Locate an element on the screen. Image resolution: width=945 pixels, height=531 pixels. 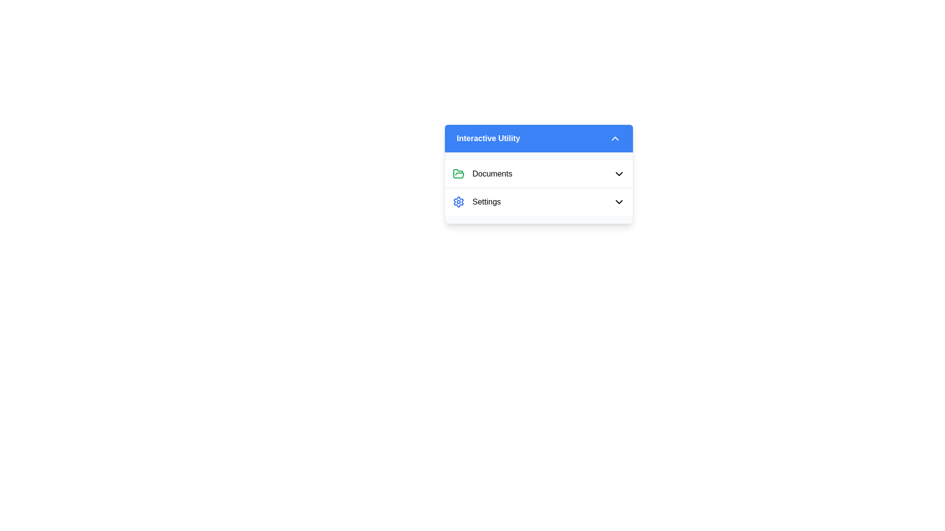
the decorative settings icon located at the left end of the dropdown menu item labeled 'Interactive Utility', which precedes the text 'Settings' is located at coordinates (458, 202).